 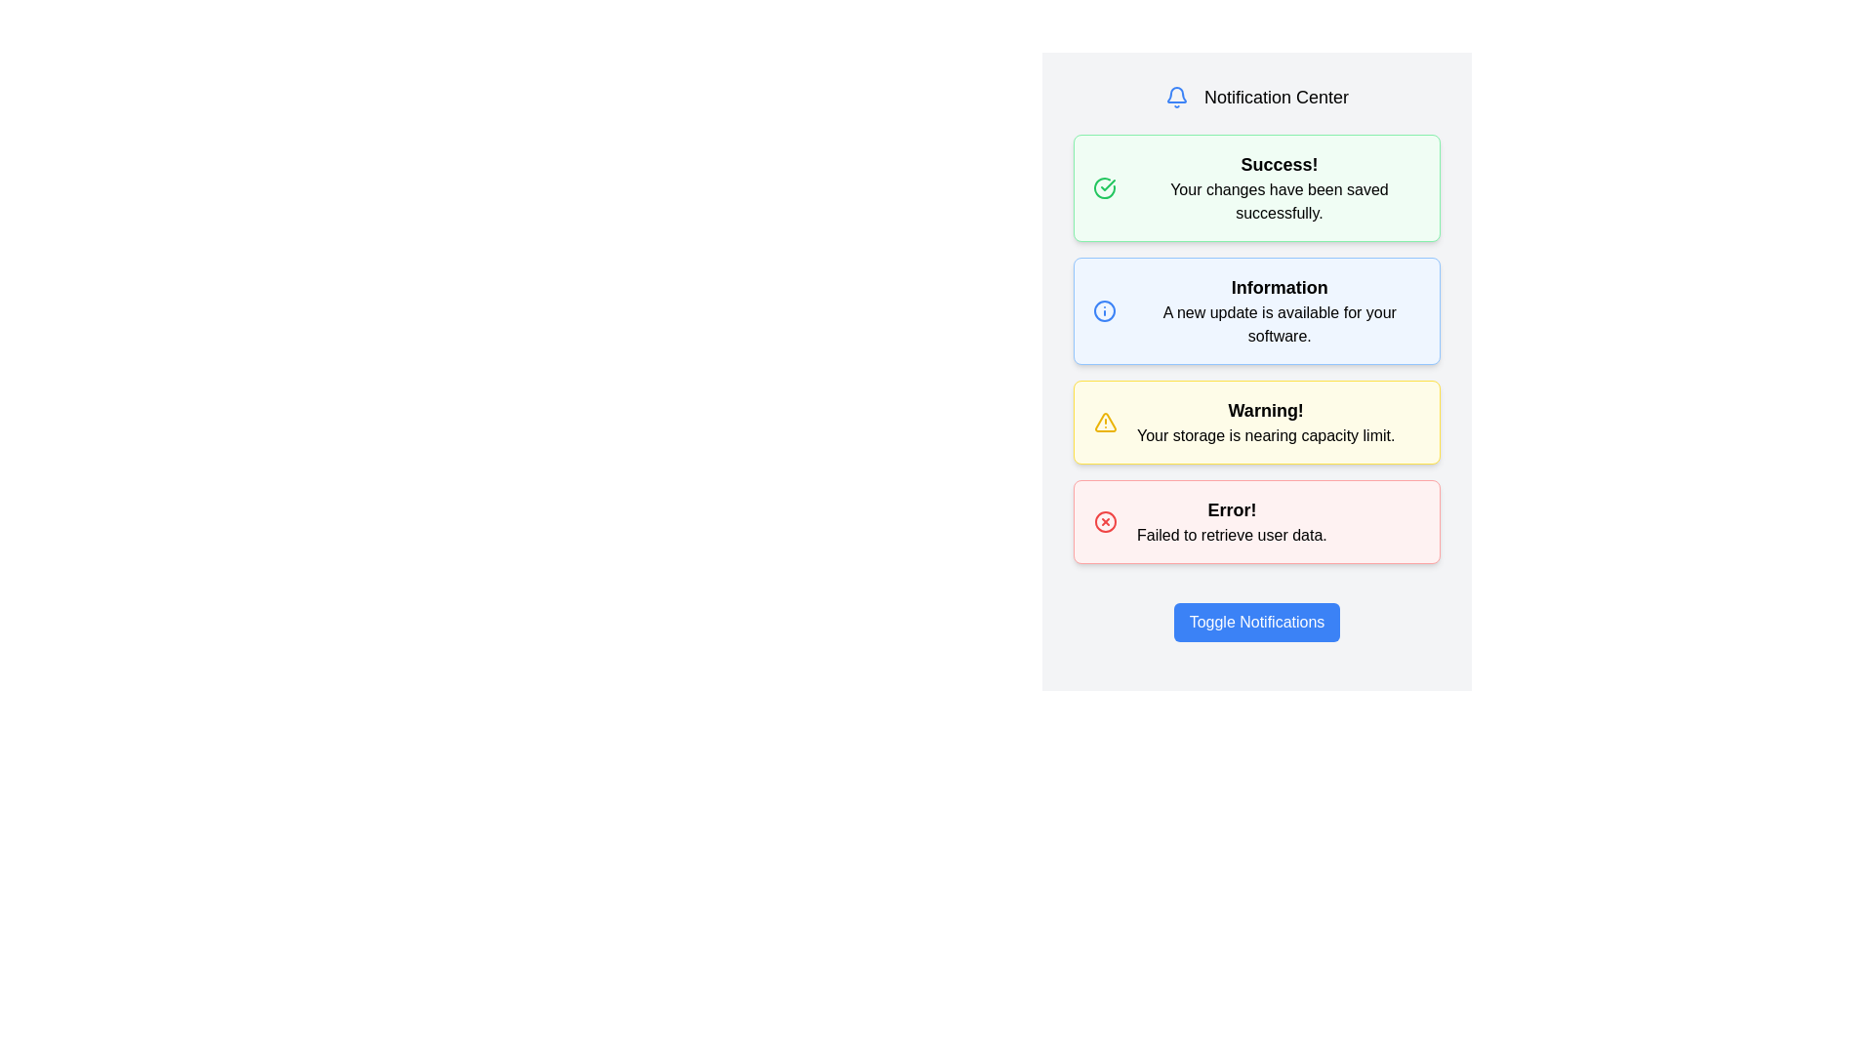 I want to click on contents of the first notification box marked by a green background and bold heading 'Success!', located at the top center of the notification panel, so click(x=1279, y=187).